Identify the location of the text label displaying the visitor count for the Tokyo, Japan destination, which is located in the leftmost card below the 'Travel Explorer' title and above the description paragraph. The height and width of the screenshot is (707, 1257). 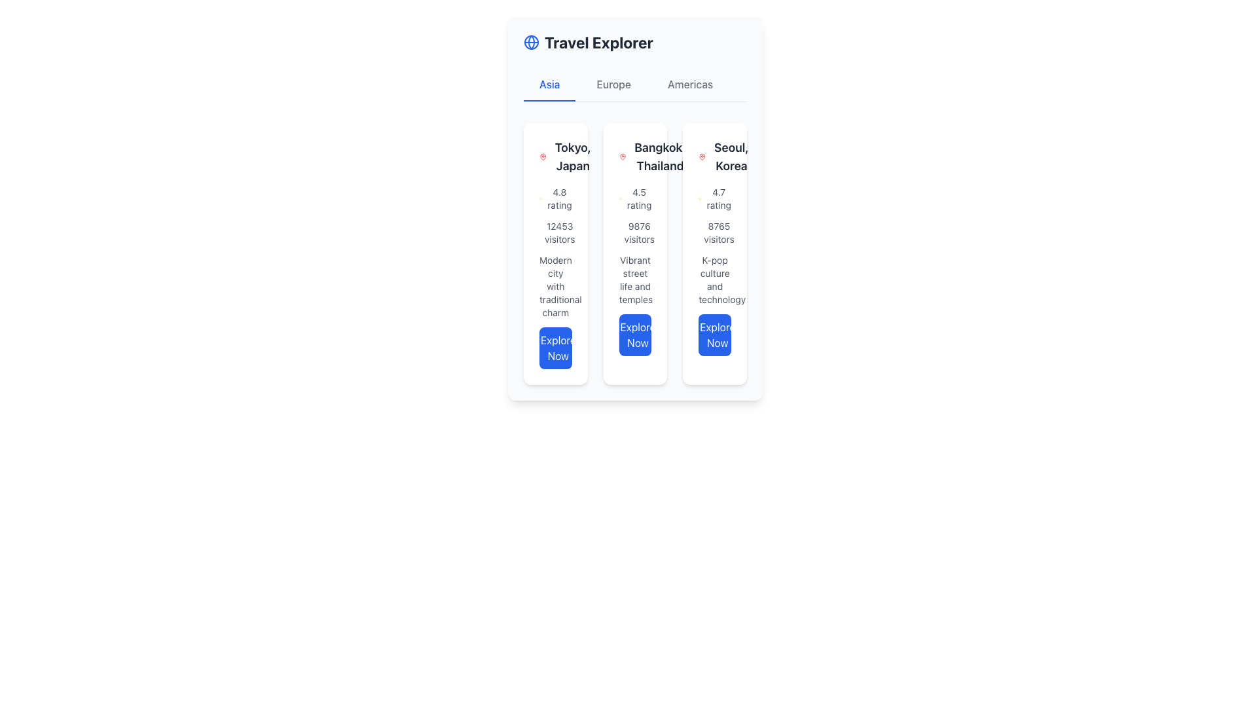
(560, 232).